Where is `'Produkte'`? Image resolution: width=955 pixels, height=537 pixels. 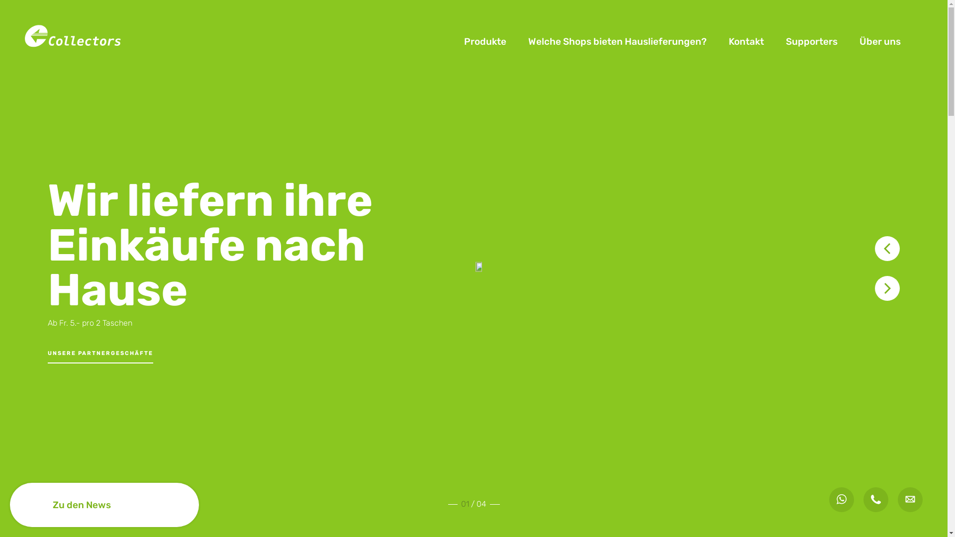
'Produkte' is located at coordinates (485, 41).